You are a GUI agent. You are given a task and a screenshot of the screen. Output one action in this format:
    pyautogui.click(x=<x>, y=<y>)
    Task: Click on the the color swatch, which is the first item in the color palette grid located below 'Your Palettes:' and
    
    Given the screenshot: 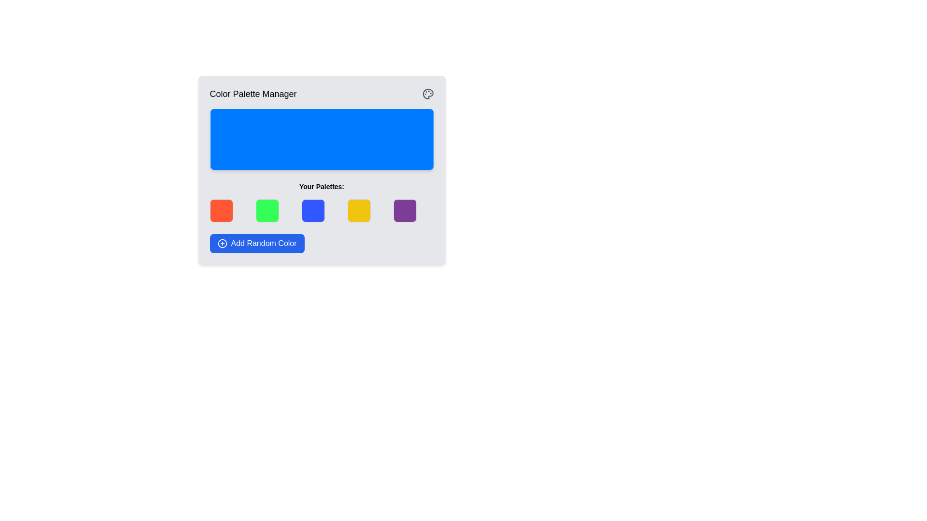 What is the action you would take?
    pyautogui.click(x=221, y=210)
    